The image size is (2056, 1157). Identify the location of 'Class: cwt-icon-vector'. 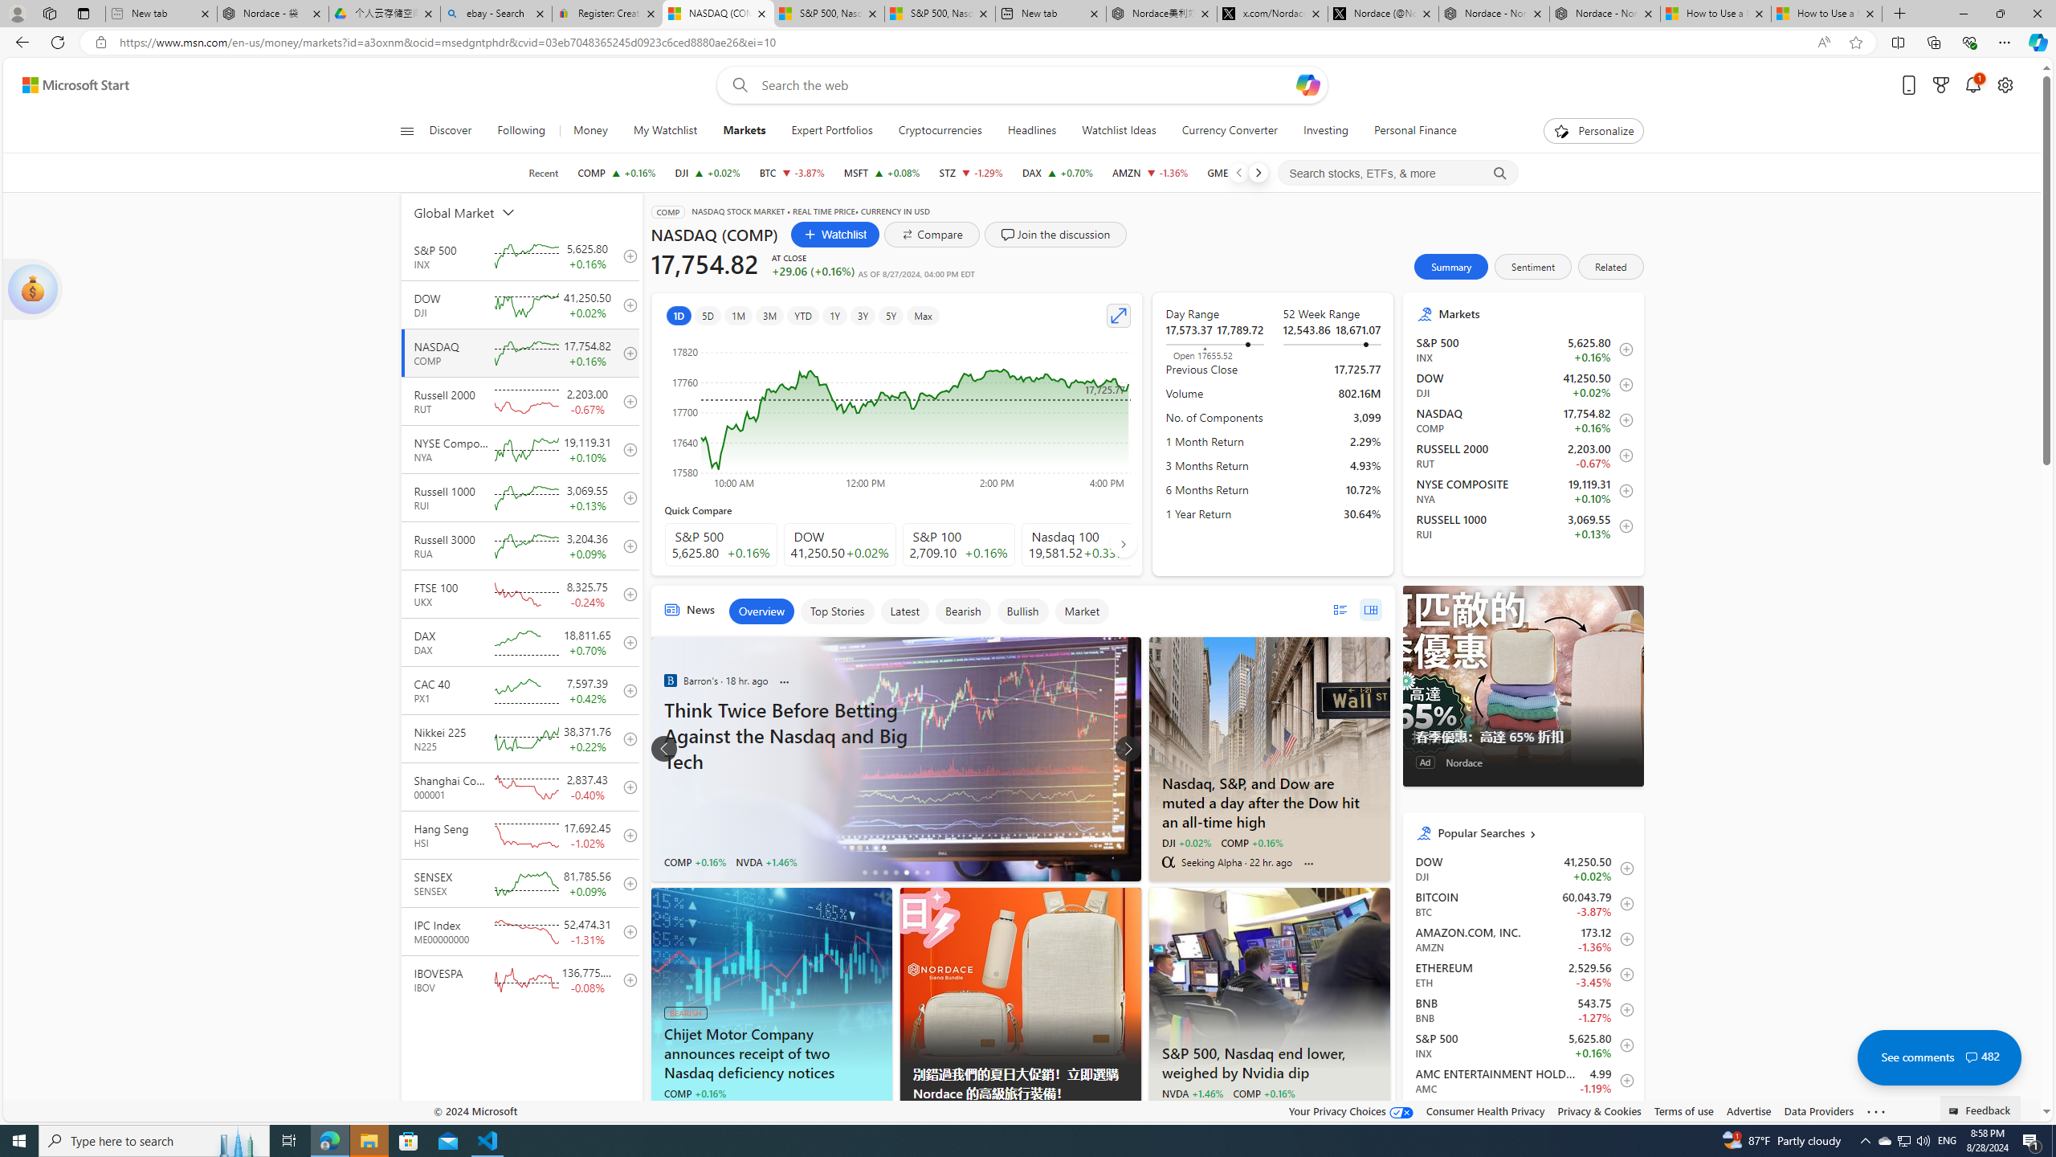
(1971, 1057).